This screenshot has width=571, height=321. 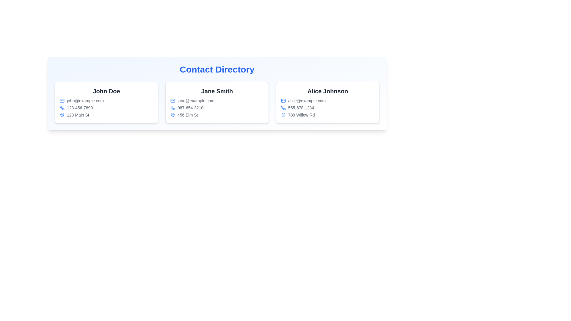 I want to click on the phone icon that indicates the phone number '555-678-1234' for the contact 'Alice Johnson' in the third column of the contact directory, so click(x=283, y=108).